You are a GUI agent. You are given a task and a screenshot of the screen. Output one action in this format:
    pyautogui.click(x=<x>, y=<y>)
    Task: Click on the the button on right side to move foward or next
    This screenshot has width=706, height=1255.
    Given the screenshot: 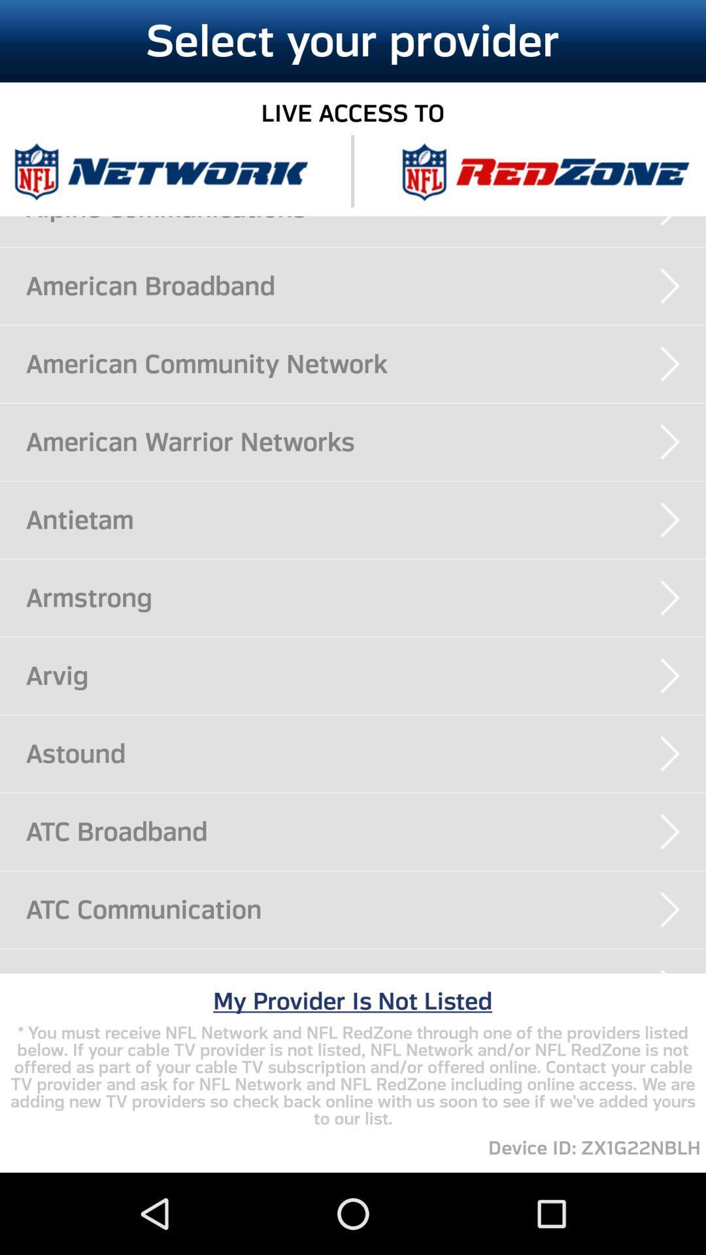 What is the action you would take?
    pyautogui.click(x=670, y=754)
    